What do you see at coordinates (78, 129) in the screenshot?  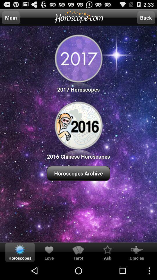 I see `2016 chinese horoscopes item` at bounding box center [78, 129].